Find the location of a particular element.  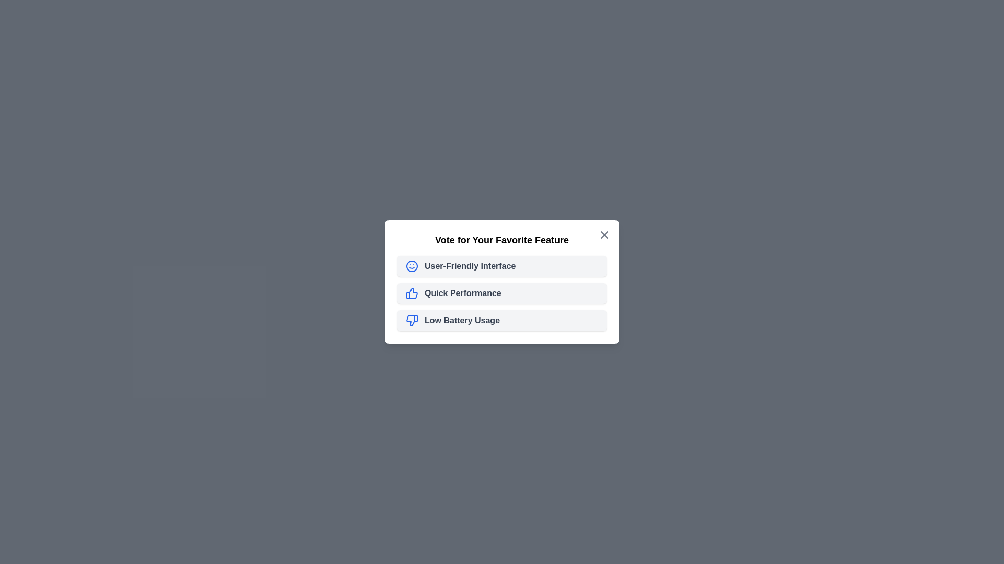

the voting option corresponding to Low Battery Usage is located at coordinates (502, 320).